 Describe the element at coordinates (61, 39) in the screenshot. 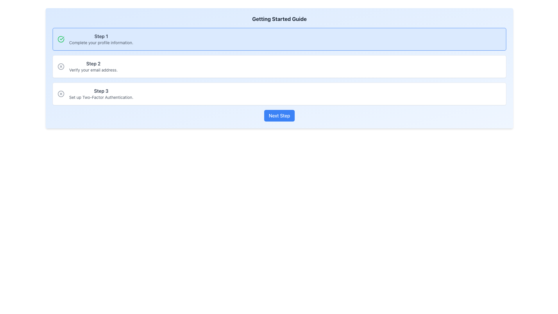

I see `the Status Indicator Icon located in the left segment of the 'Step 1' box in the 'Getting Started Guide'` at that location.